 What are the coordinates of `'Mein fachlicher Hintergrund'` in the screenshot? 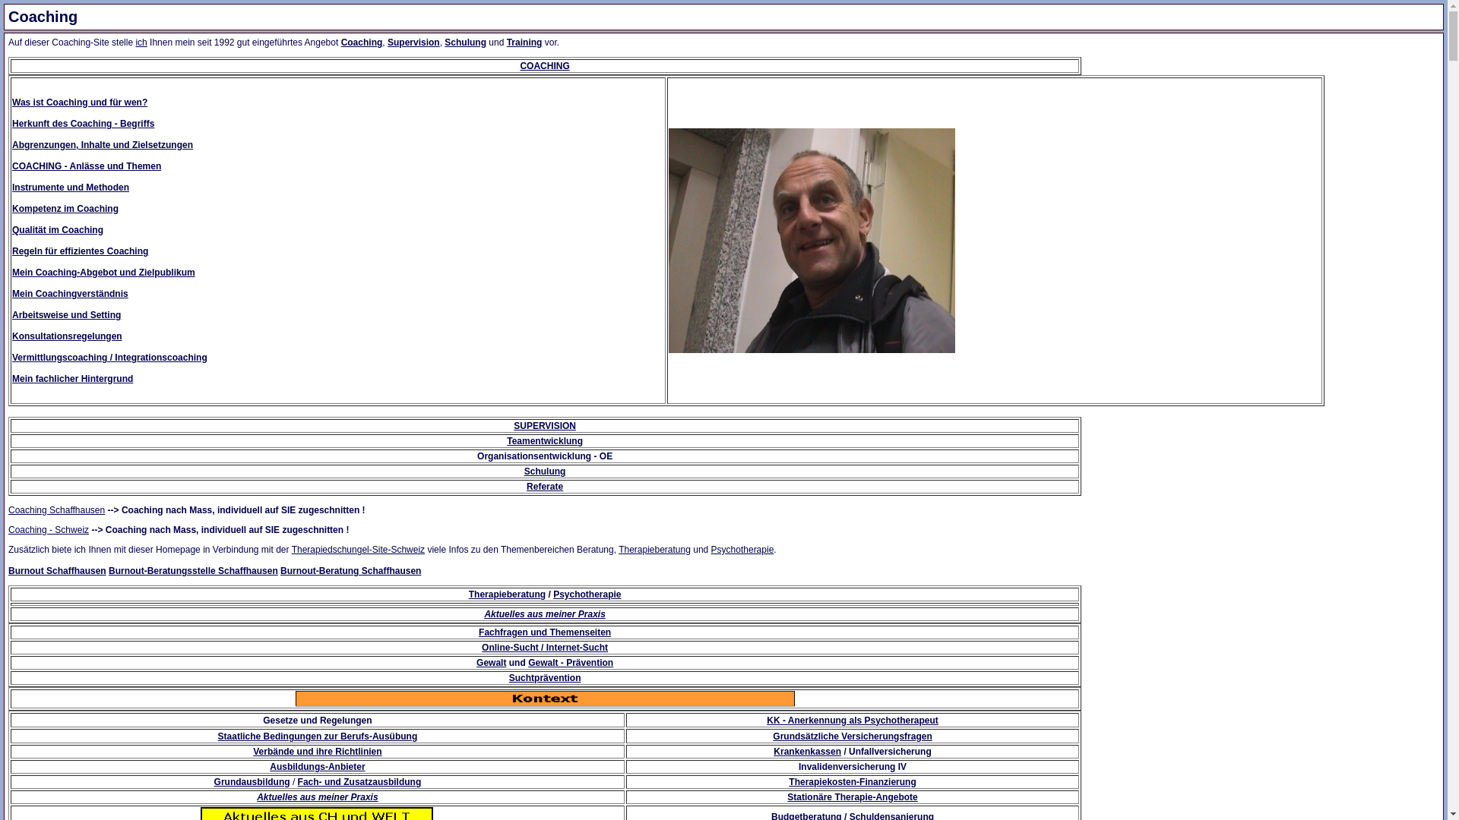 It's located at (71, 377).